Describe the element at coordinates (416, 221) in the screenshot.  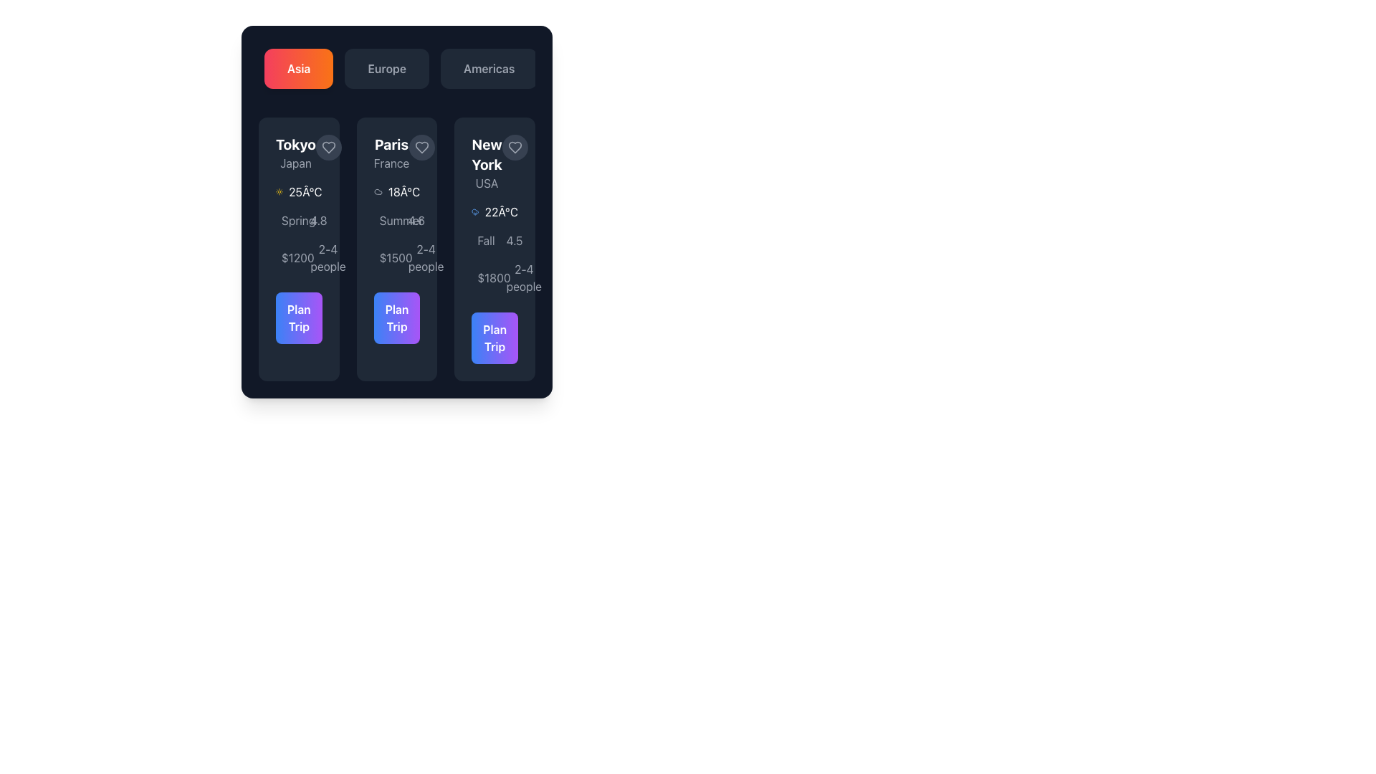
I see `the text label displaying '4.6' in light gray color, which is located above the text 'Summer' and within the 'Paris, France' card` at that location.